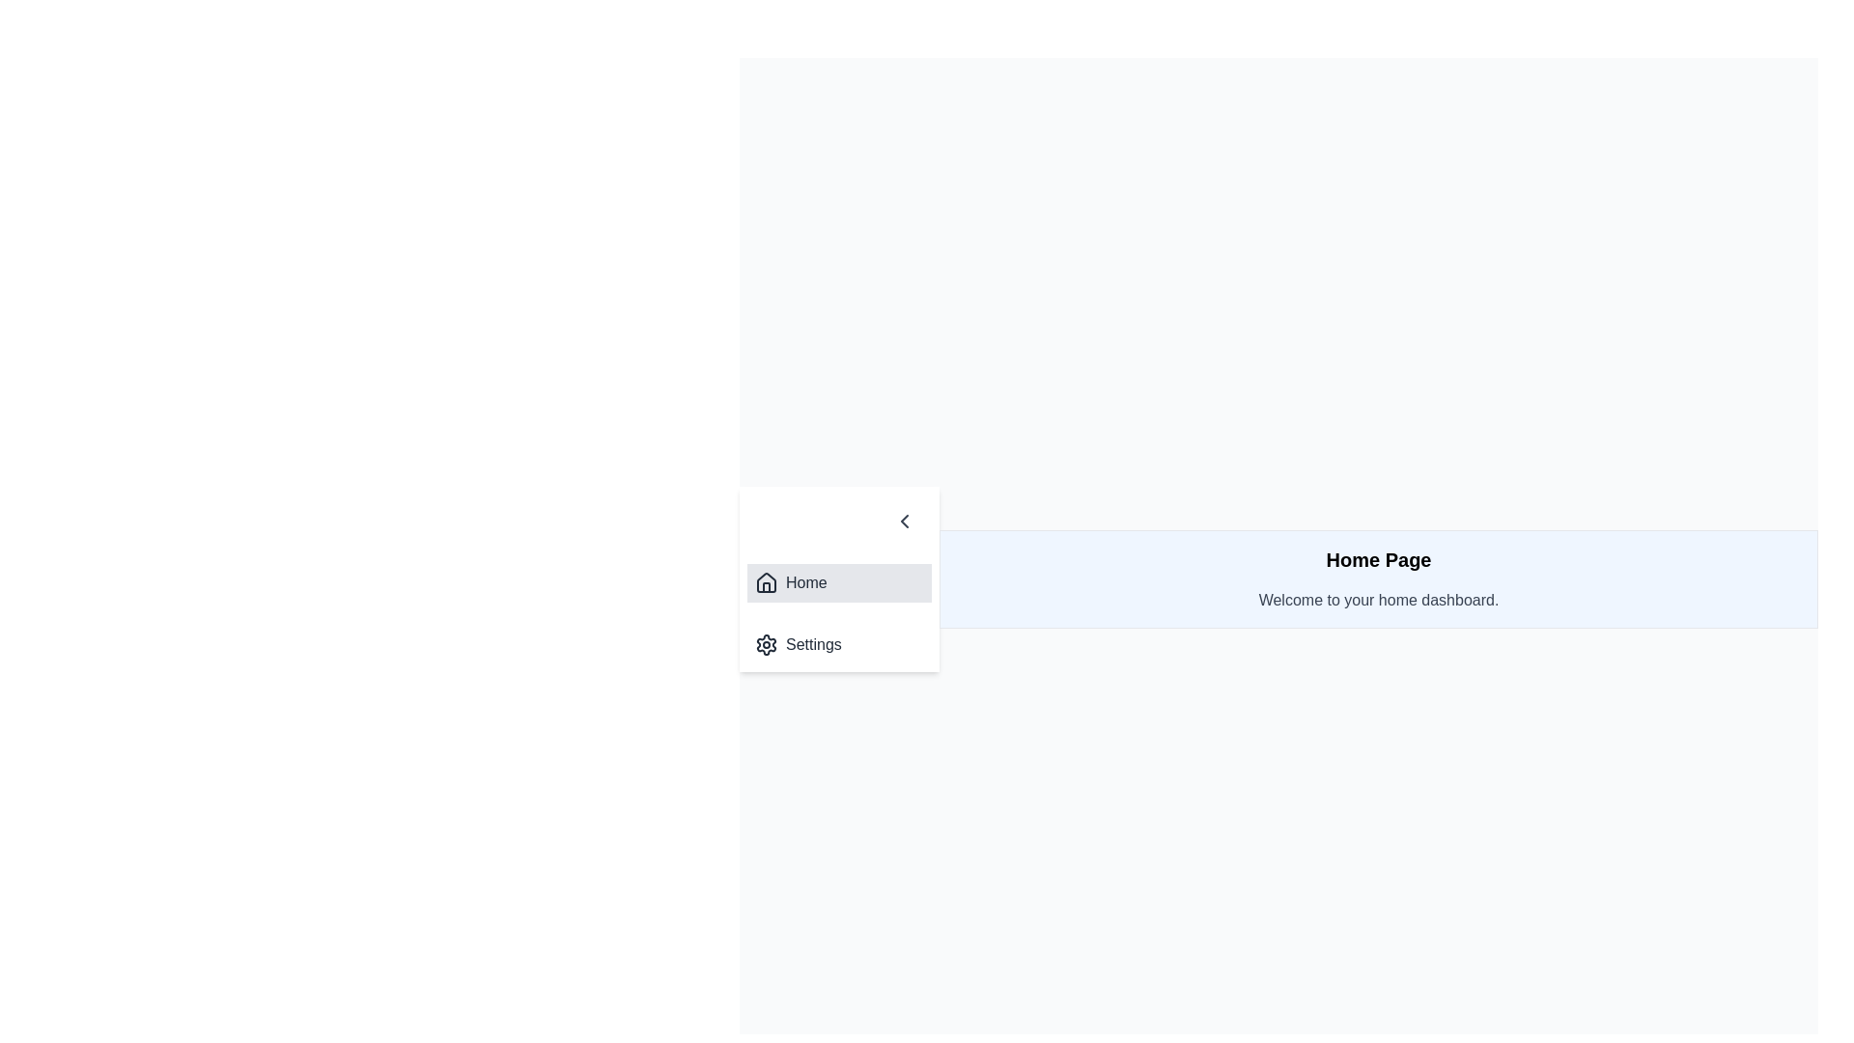 This screenshot has width=1854, height=1043. Describe the element at coordinates (765, 580) in the screenshot. I see `the house icon located at the top of the menu list, adjacent to the 'Home' label` at that location.